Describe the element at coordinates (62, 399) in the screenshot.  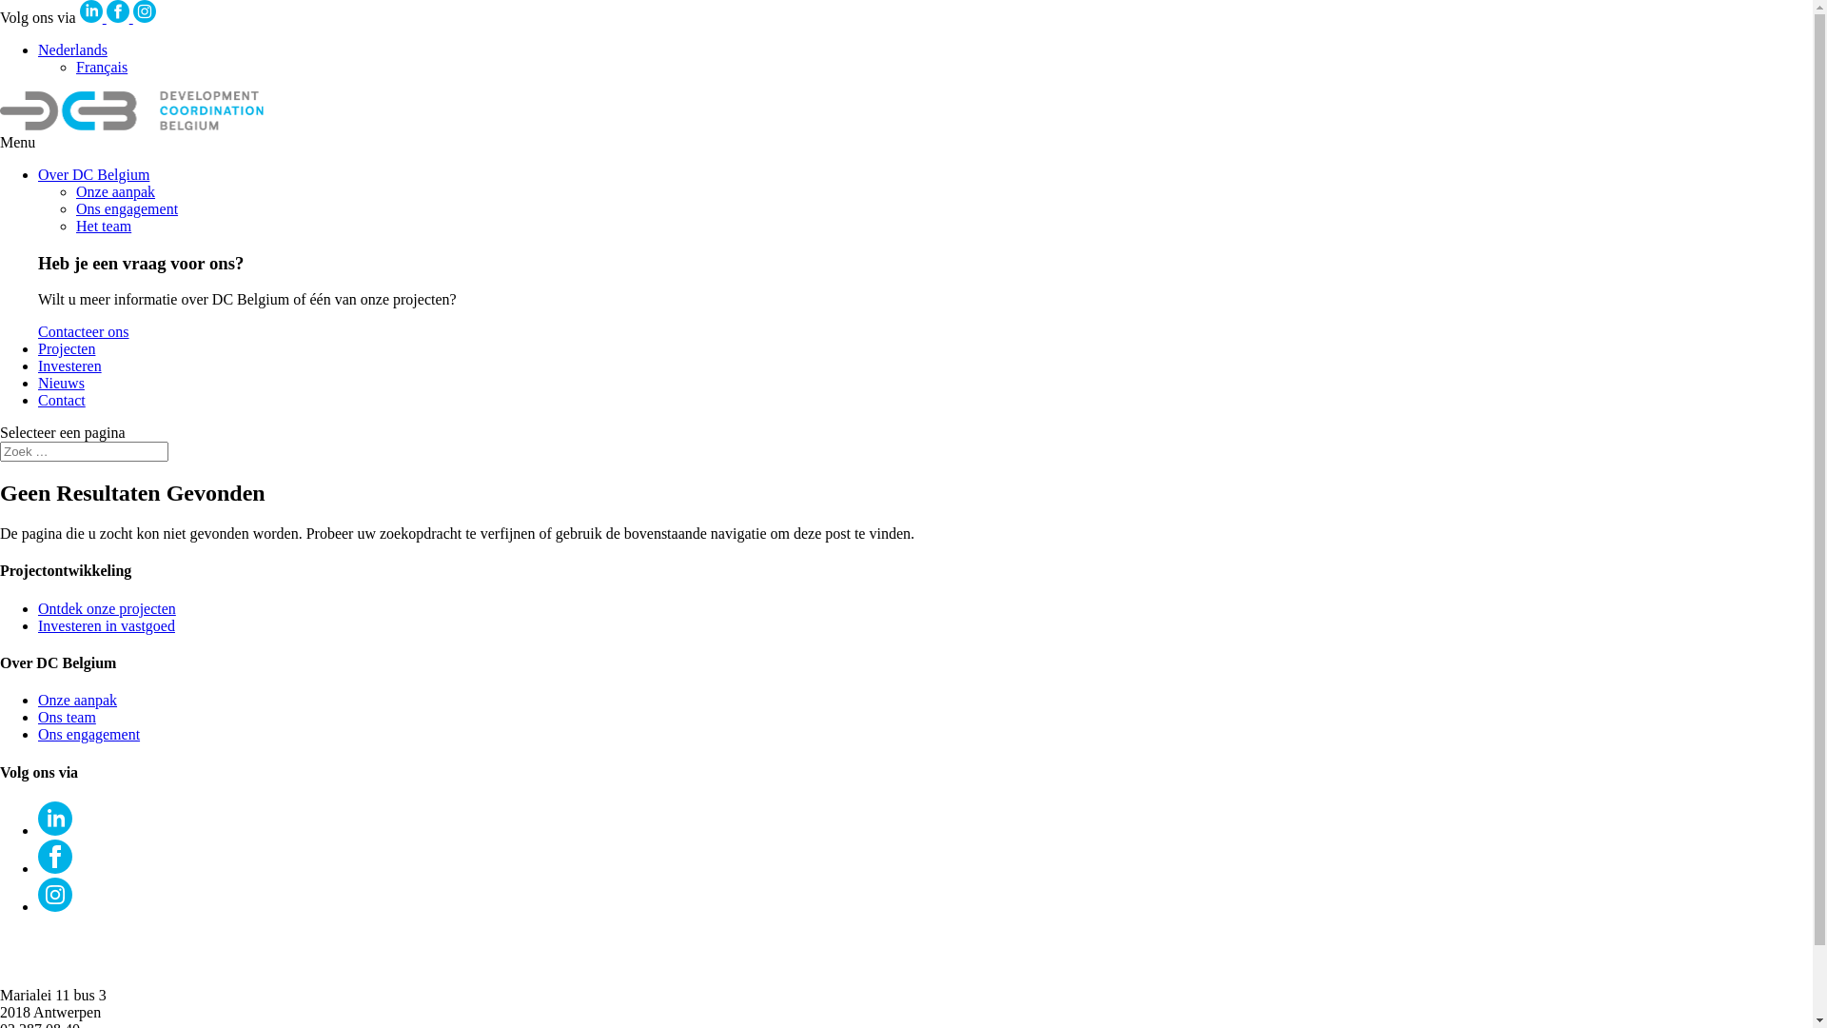
I see `'Contact'` at that location.